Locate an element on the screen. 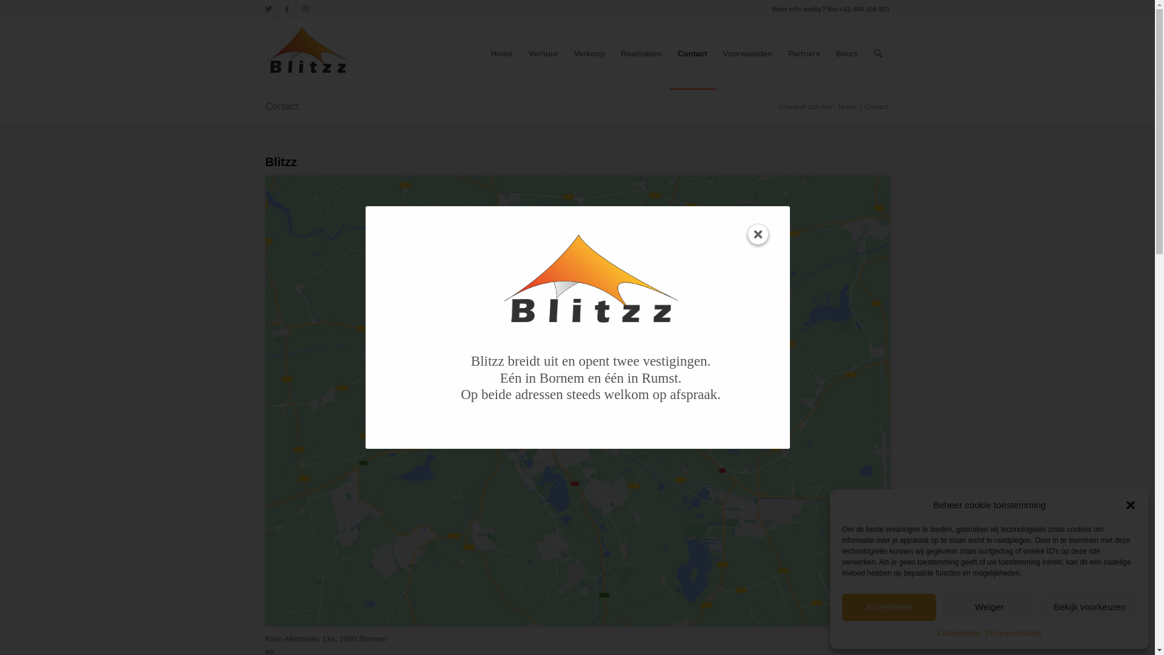 This screenshot has height=655, width=1164. 'Accepteren' is located at coordinates (889, 607).